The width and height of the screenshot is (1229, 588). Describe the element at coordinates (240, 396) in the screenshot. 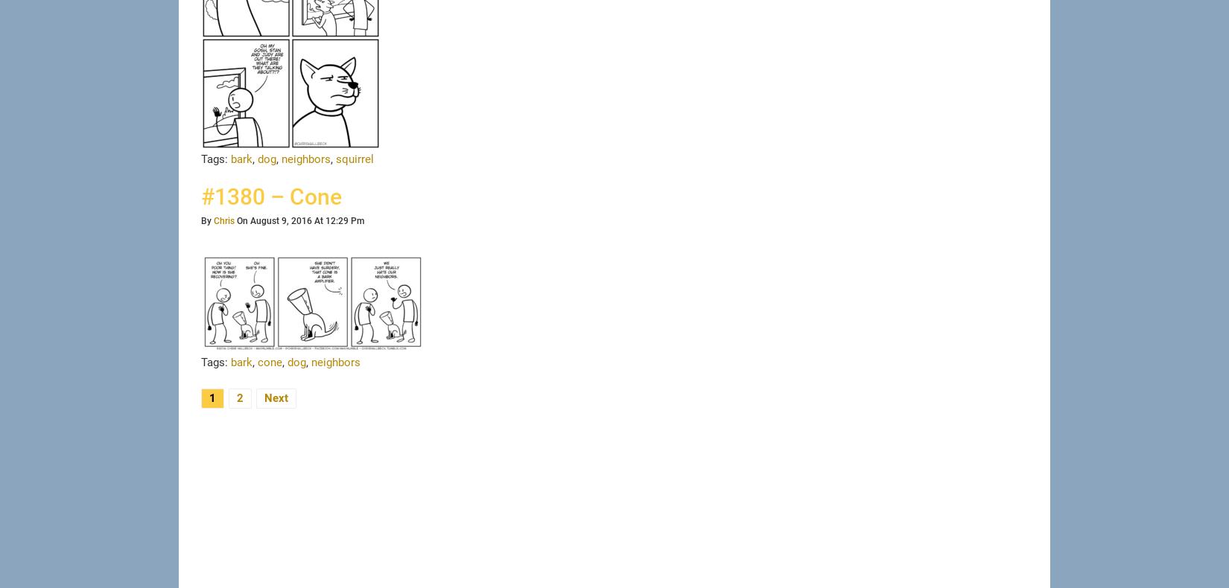

I see `'2'` at that location.